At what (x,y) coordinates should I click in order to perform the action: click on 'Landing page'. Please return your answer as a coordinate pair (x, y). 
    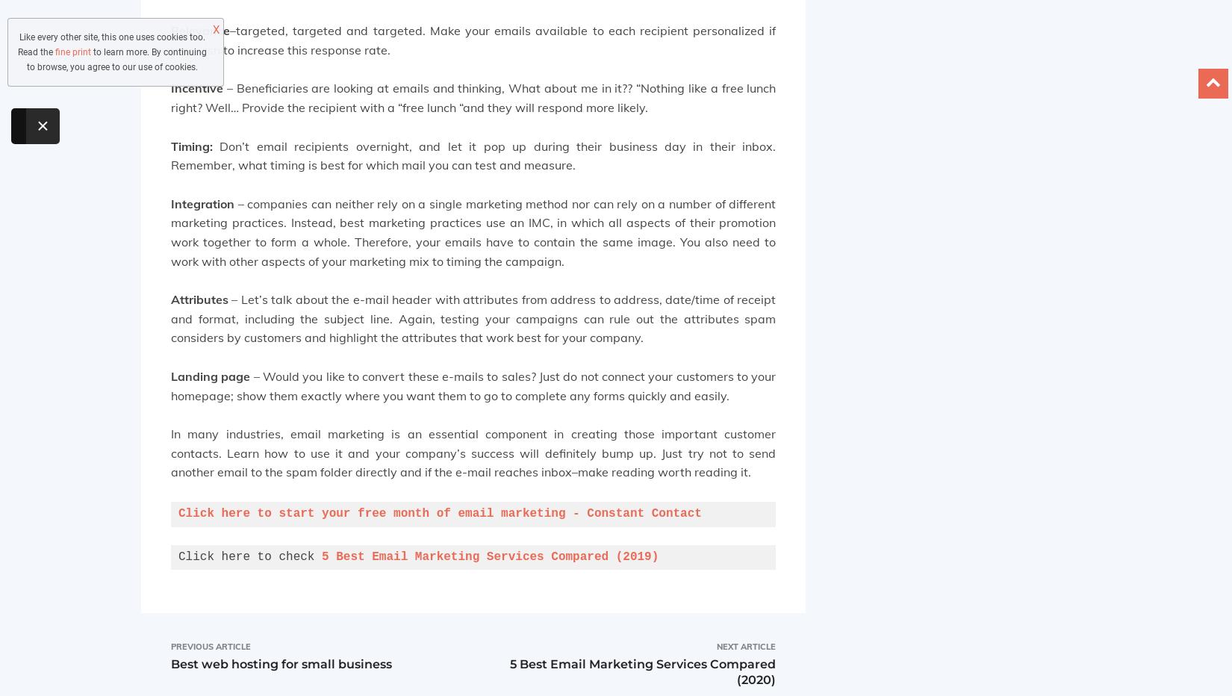
    Looking at the image, I should click on (210, 375).